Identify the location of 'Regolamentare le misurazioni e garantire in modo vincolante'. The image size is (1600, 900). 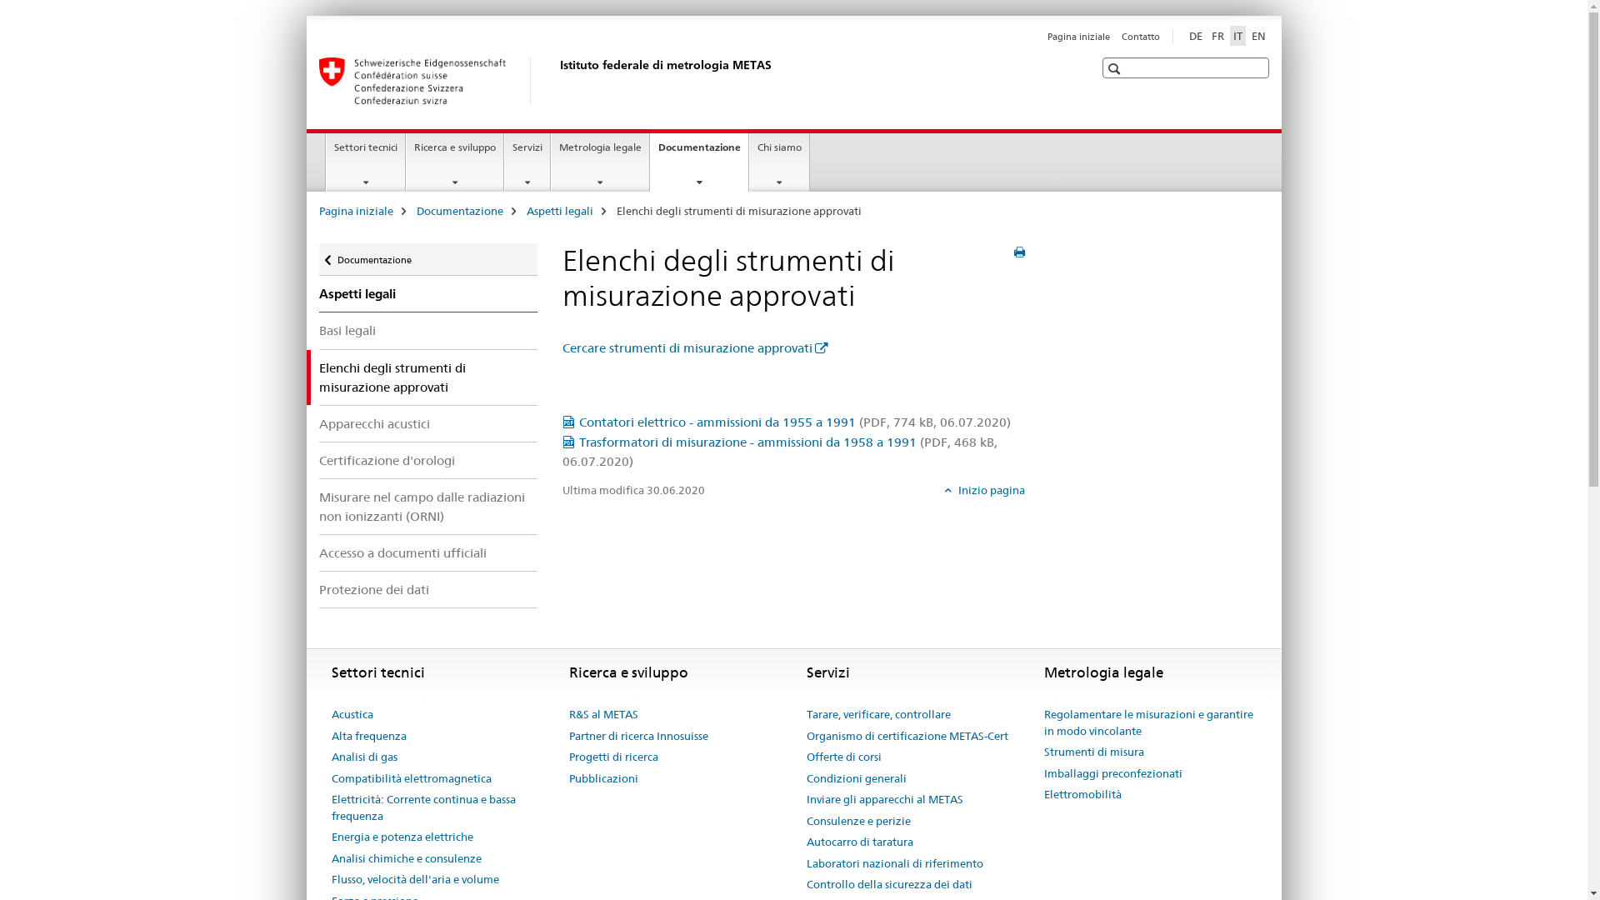
(1148, 722).